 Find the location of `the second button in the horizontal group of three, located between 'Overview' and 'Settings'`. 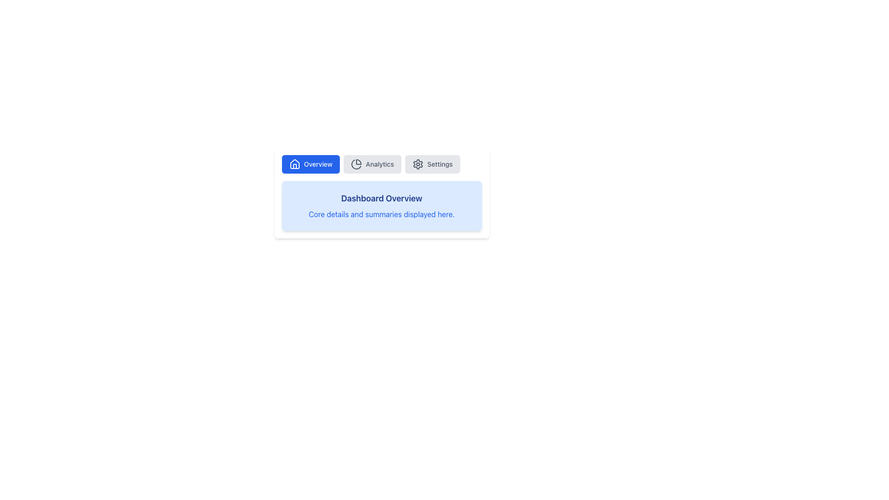

the second button in the horizontal group of three, located between 'Overview' and 'Settings' is located at coordinates (372, 163).